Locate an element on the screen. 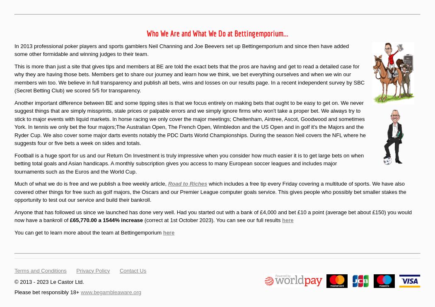 The image size is (435, 307). 'Road to Riches' is located at coordinates (187, 184).